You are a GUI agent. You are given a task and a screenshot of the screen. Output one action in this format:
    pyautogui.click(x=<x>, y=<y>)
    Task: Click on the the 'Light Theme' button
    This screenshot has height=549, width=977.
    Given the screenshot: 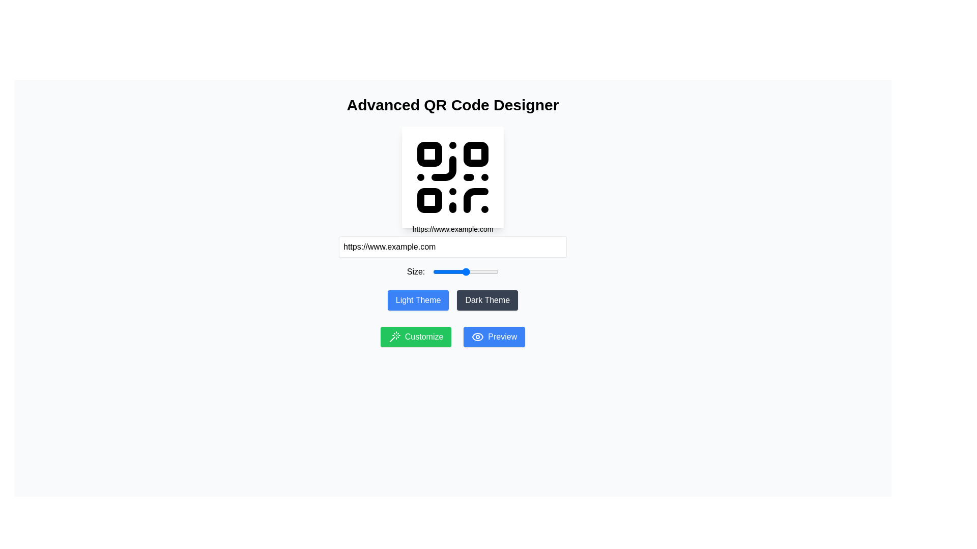 What is the action you would take?
    pyautogui.click(x=418, y=299)
    